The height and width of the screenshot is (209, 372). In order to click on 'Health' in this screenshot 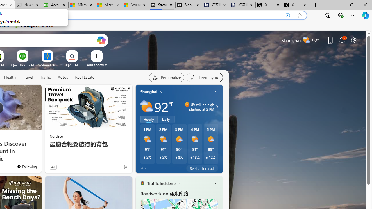, I will do `click(10, 77)`.